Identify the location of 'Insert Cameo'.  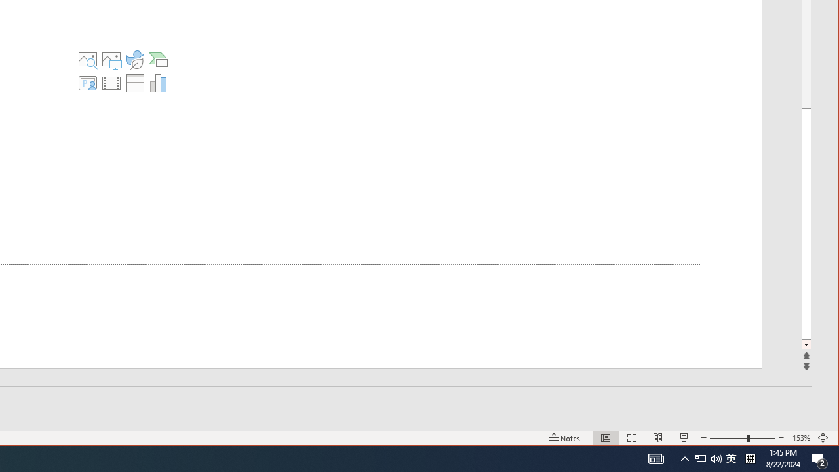
(87, 83).